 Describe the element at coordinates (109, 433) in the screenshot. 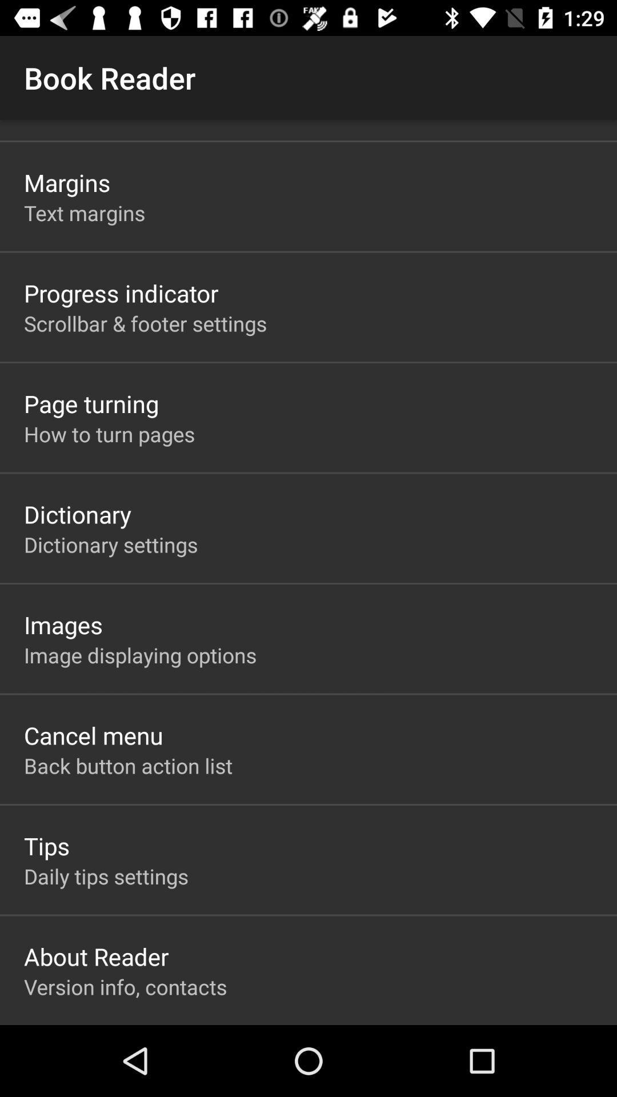

I see `the app below page turning item` at that location.